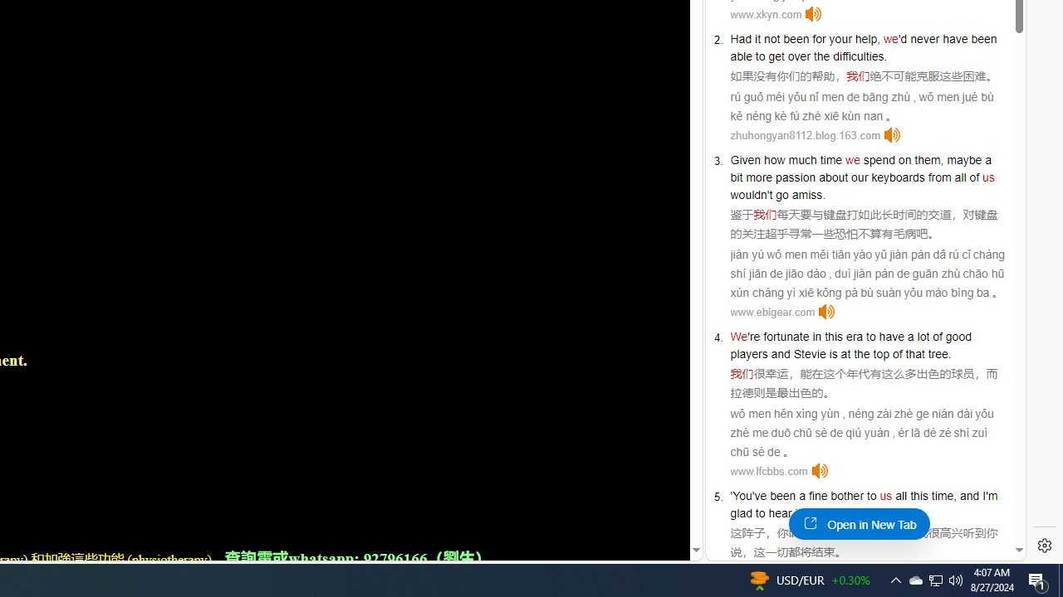  Describe the element at coordinates (744, 159) in the screenshot. I see `'Given'` at that location.